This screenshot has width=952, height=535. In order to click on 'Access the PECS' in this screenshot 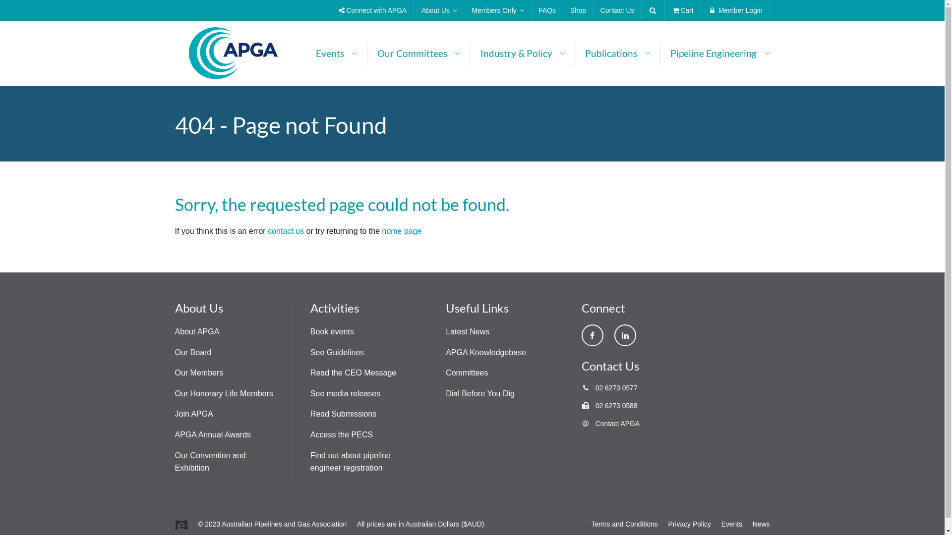, I will do `click(342, 434)`.